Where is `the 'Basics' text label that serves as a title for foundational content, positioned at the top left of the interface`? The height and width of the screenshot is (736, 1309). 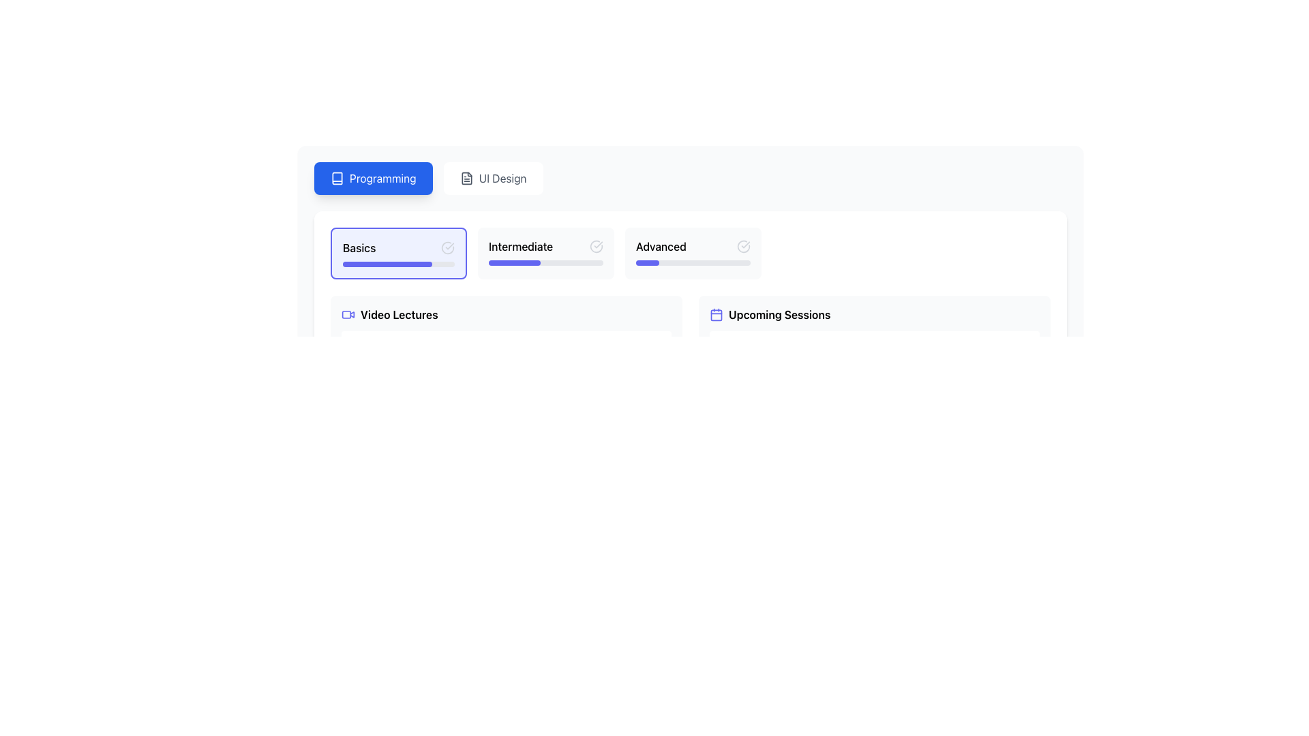 the 'Basics' text label that serves as a title for foundational content, positioned at the top left of the interface is located at coordinates (359, 247).